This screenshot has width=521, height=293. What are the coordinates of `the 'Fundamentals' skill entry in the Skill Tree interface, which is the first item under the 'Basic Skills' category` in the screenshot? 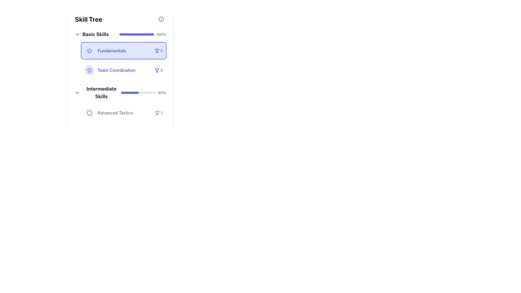 It's located at (123, 50).